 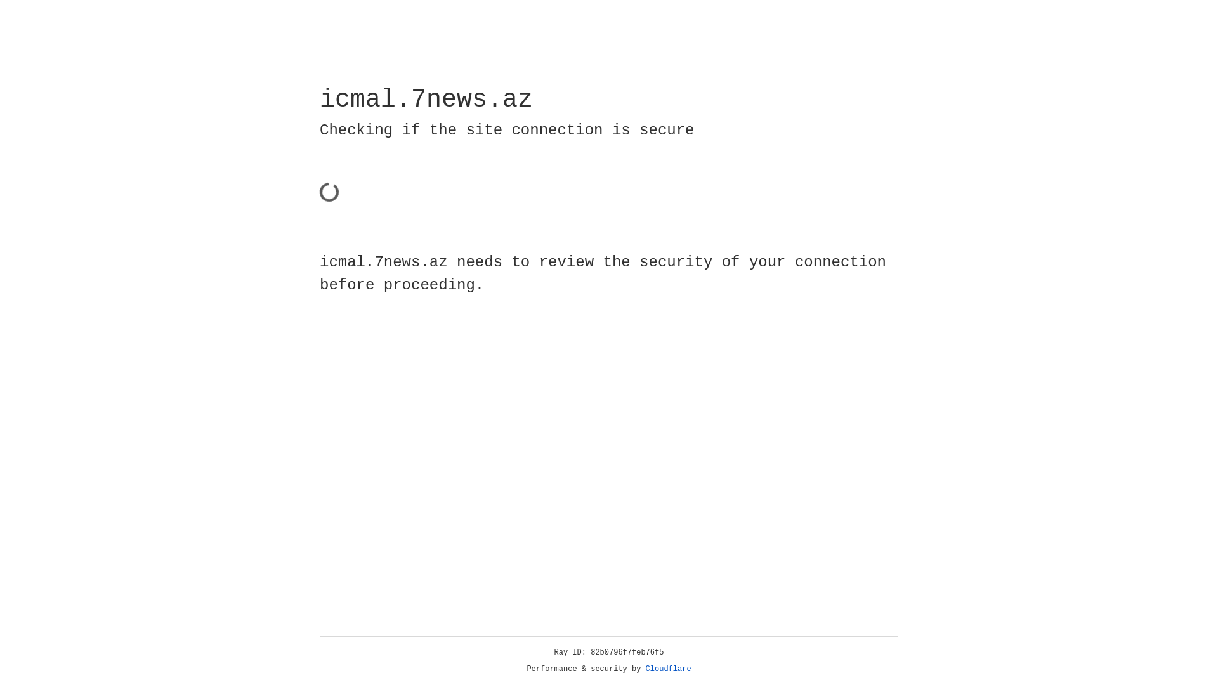 What do you see at coordinates (668, 669) in the screenshot?
I see `'Cloudflare'` at bounding box center [668, 669].